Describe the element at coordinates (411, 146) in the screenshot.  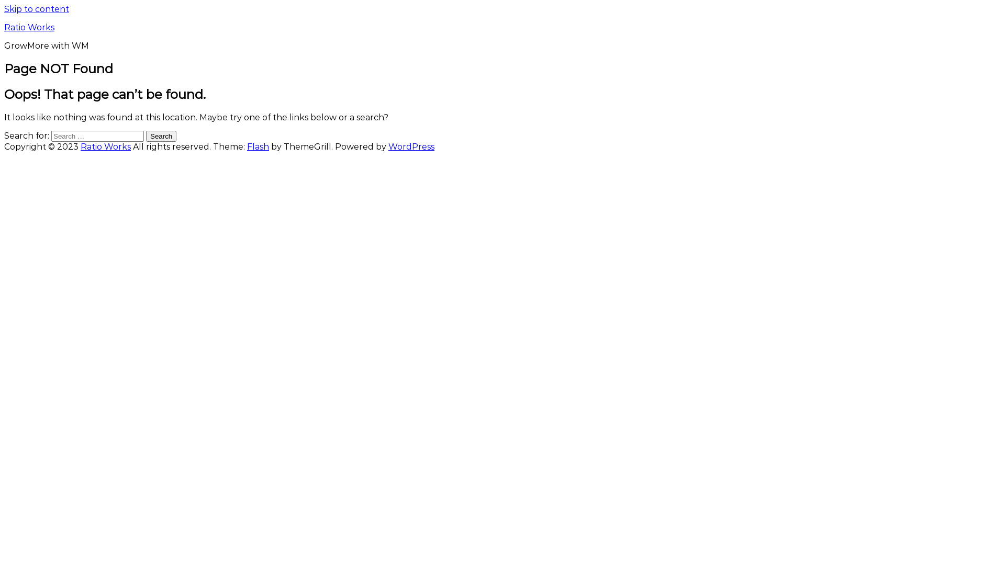
I see `'WordPress'` at that location.